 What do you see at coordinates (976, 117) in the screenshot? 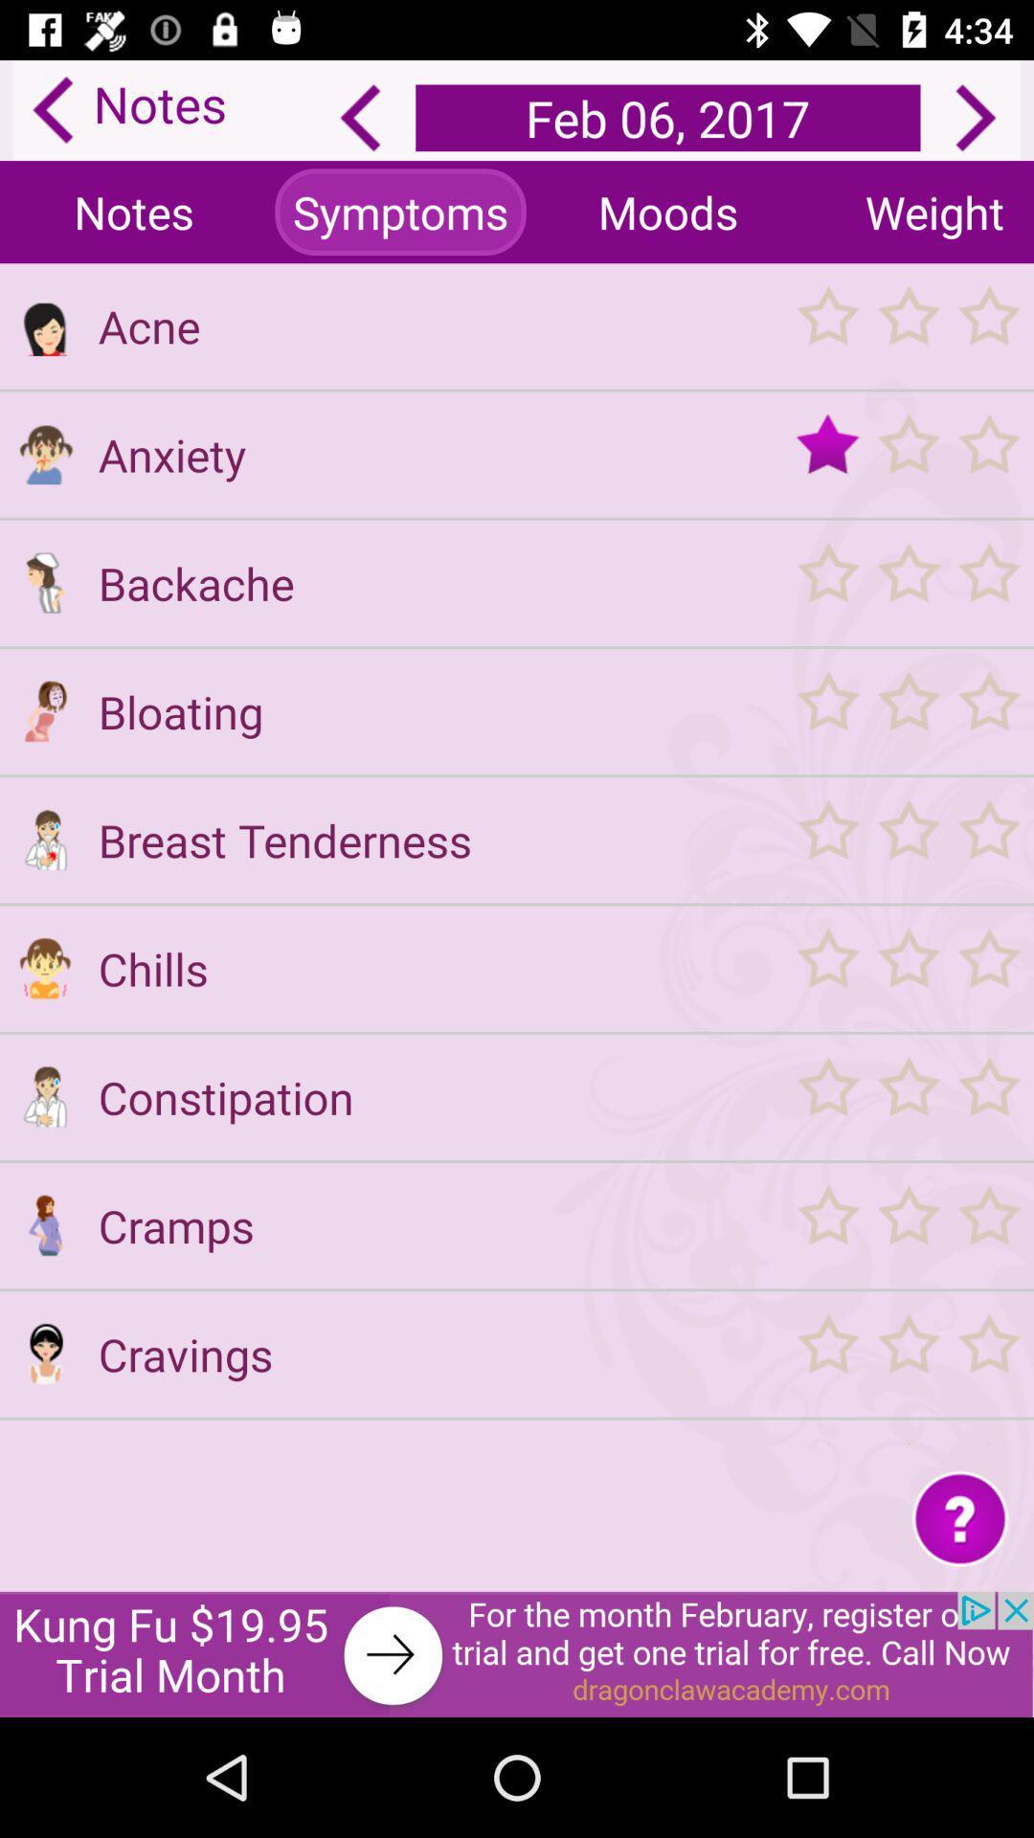
I see `next day` at bounding box center [976, 117].